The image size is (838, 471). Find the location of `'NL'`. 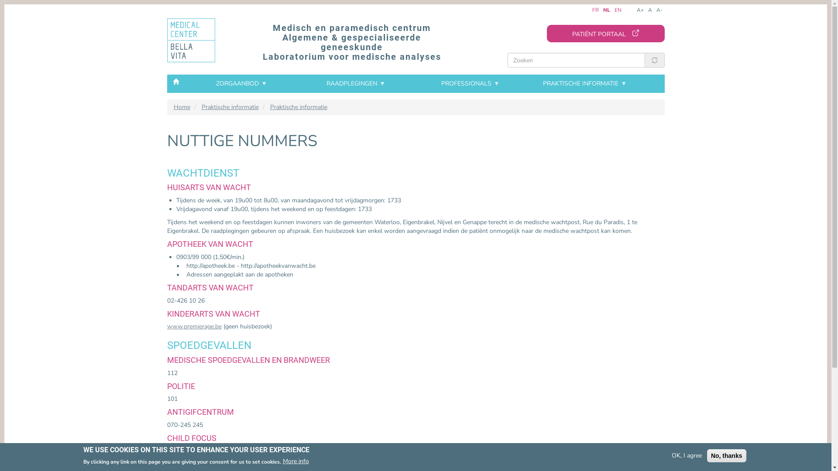

'NL' is located at coordinates (606, 10).